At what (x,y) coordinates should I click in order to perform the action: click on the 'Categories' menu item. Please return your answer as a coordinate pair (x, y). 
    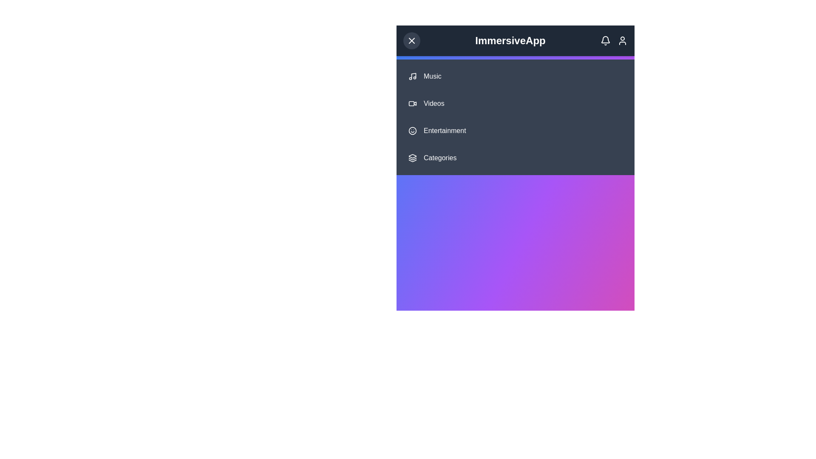
    Looking at the image, I should click on (515, 158).